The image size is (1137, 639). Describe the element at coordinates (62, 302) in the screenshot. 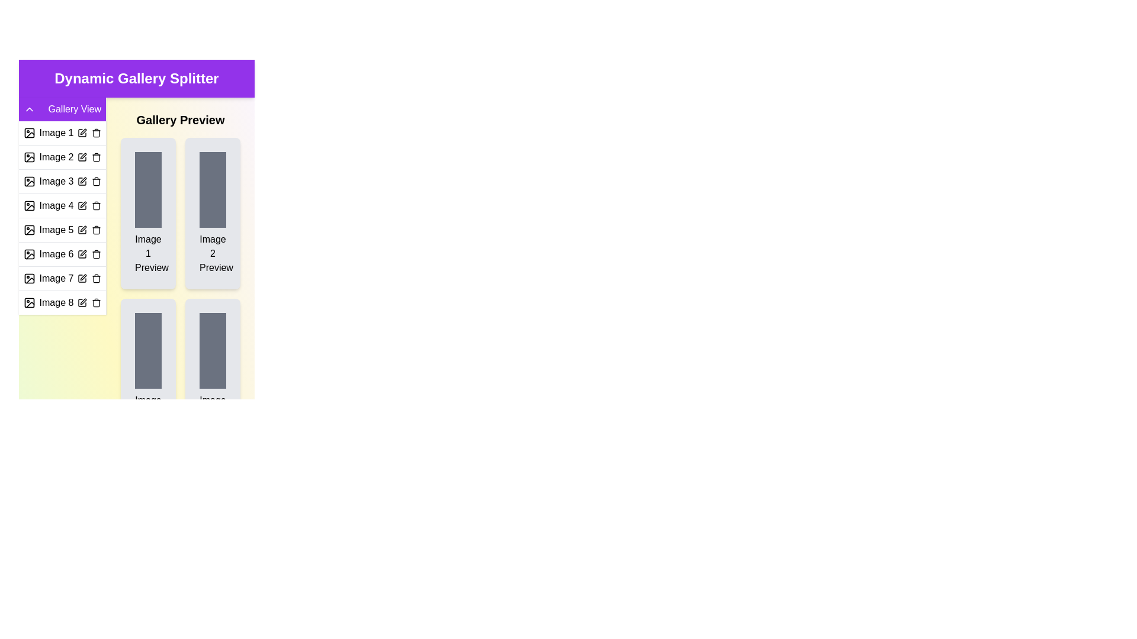

I see `the last gallery item representing 'Image 8' in the 'Gallery View' section` at that location.